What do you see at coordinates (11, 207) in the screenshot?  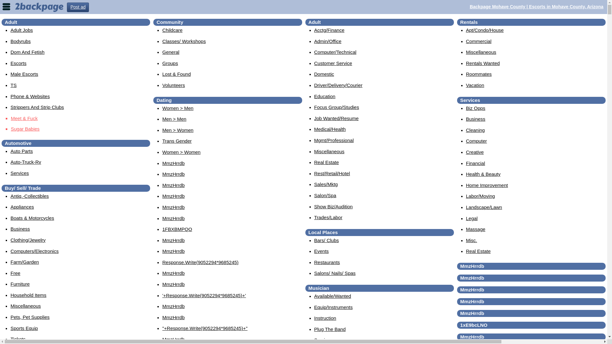 I see `'Appliances'` at bounding box center [11, 207].